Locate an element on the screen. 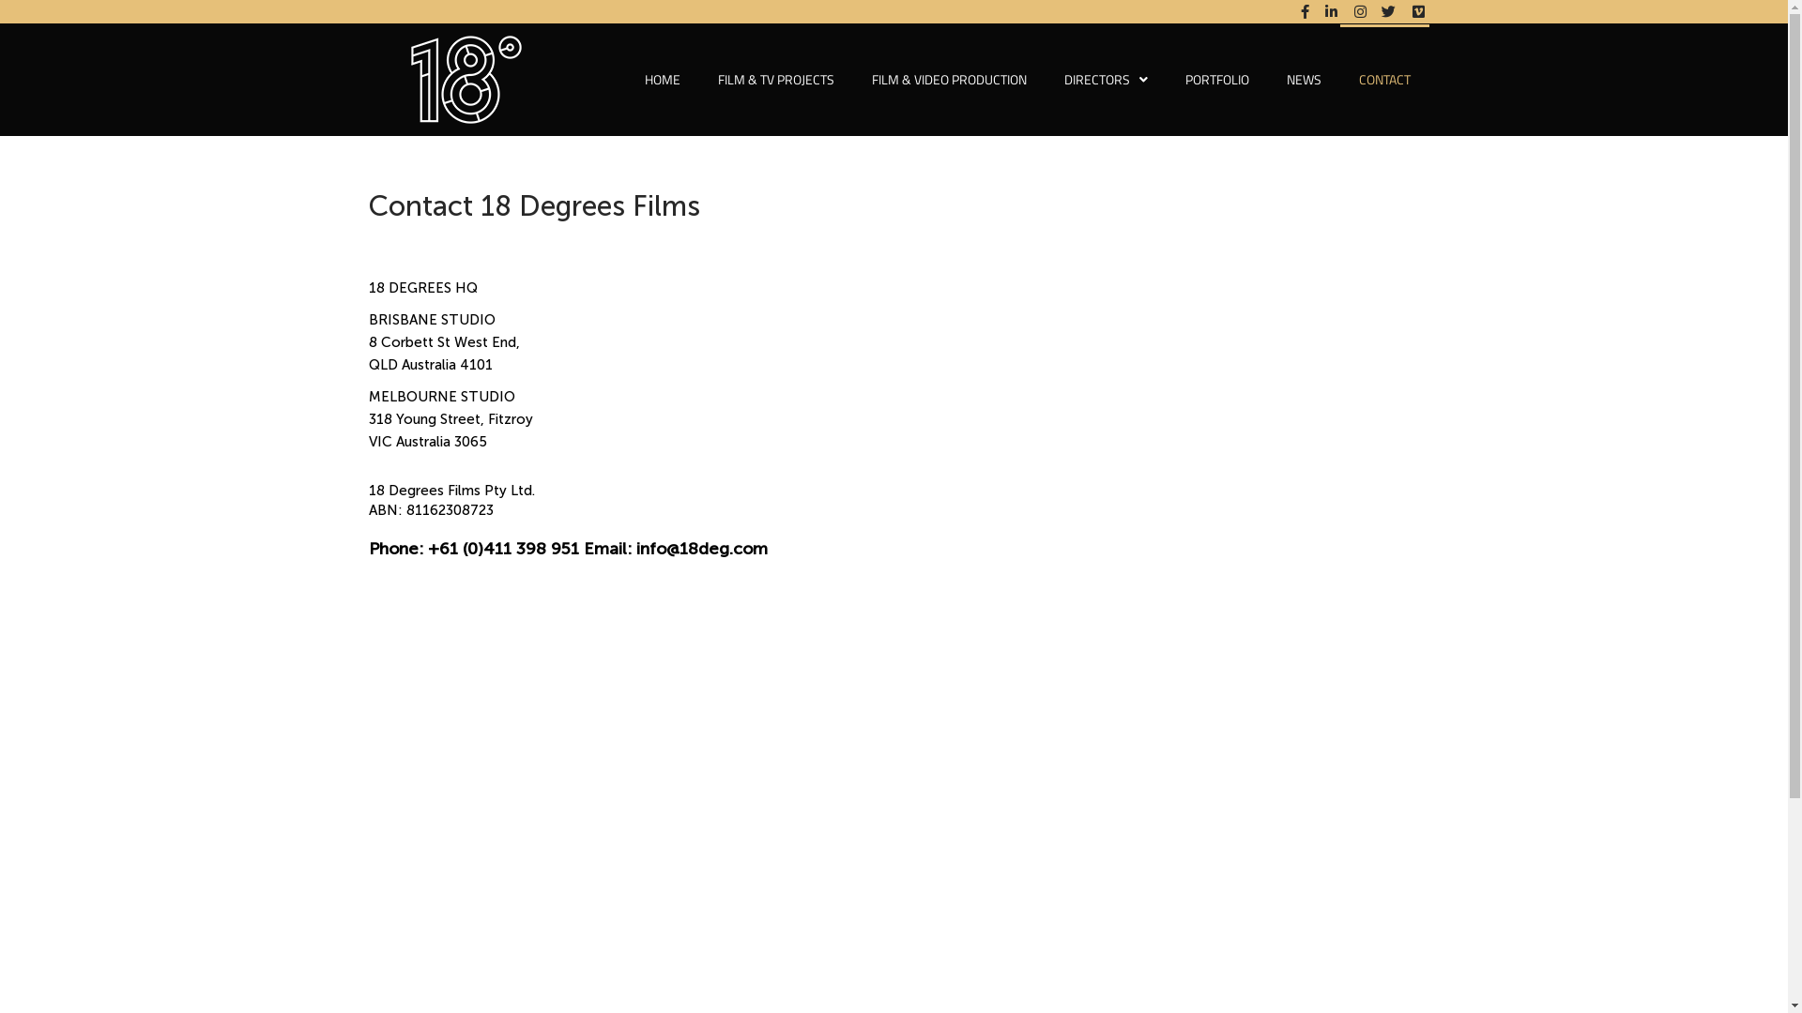 The height and width of the screenshot is (1013, 1802). 'FILM & TV PROJECTS' is located at coordinates (697, 78).